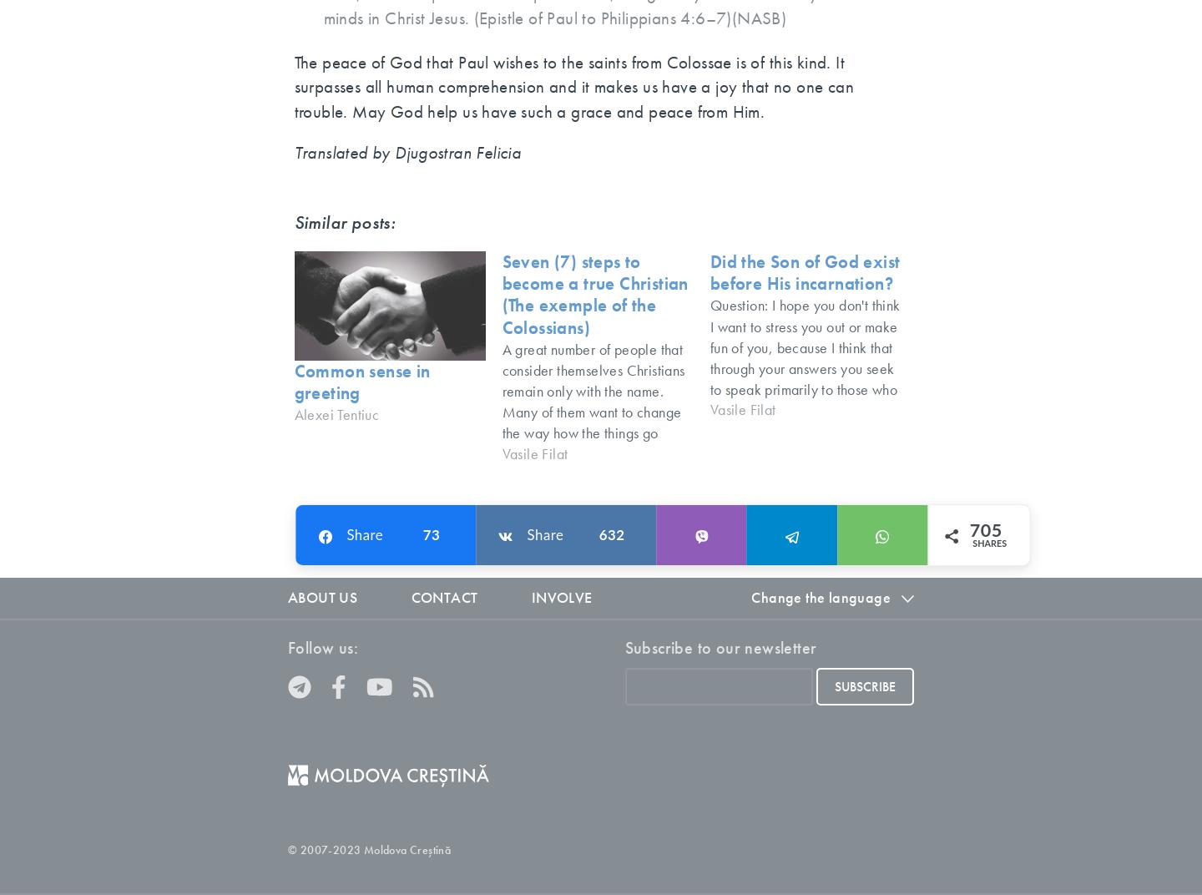 The height and width of the screenshot is (895, 1202). What do you see at coordinates (442, 595) in the screenshot?
I see `'Contact'` at bounding box center [442, 595].